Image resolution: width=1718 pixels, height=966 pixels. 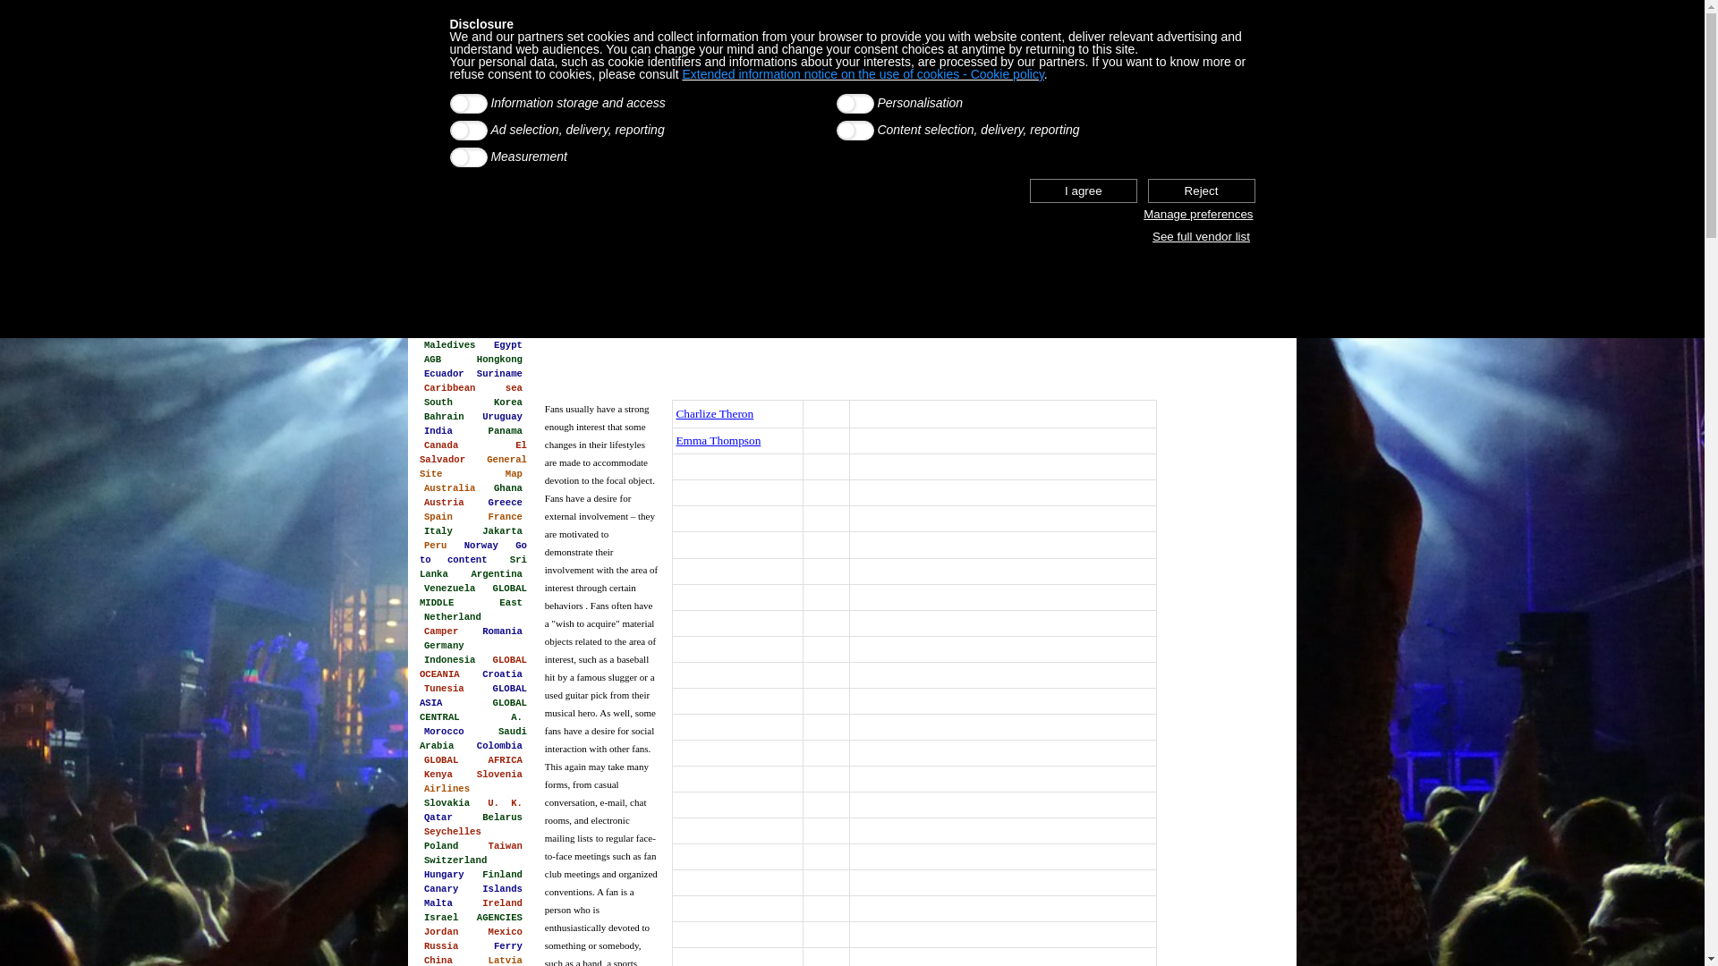 I want to click on 'General Site Map', so click(x=472, y=465).